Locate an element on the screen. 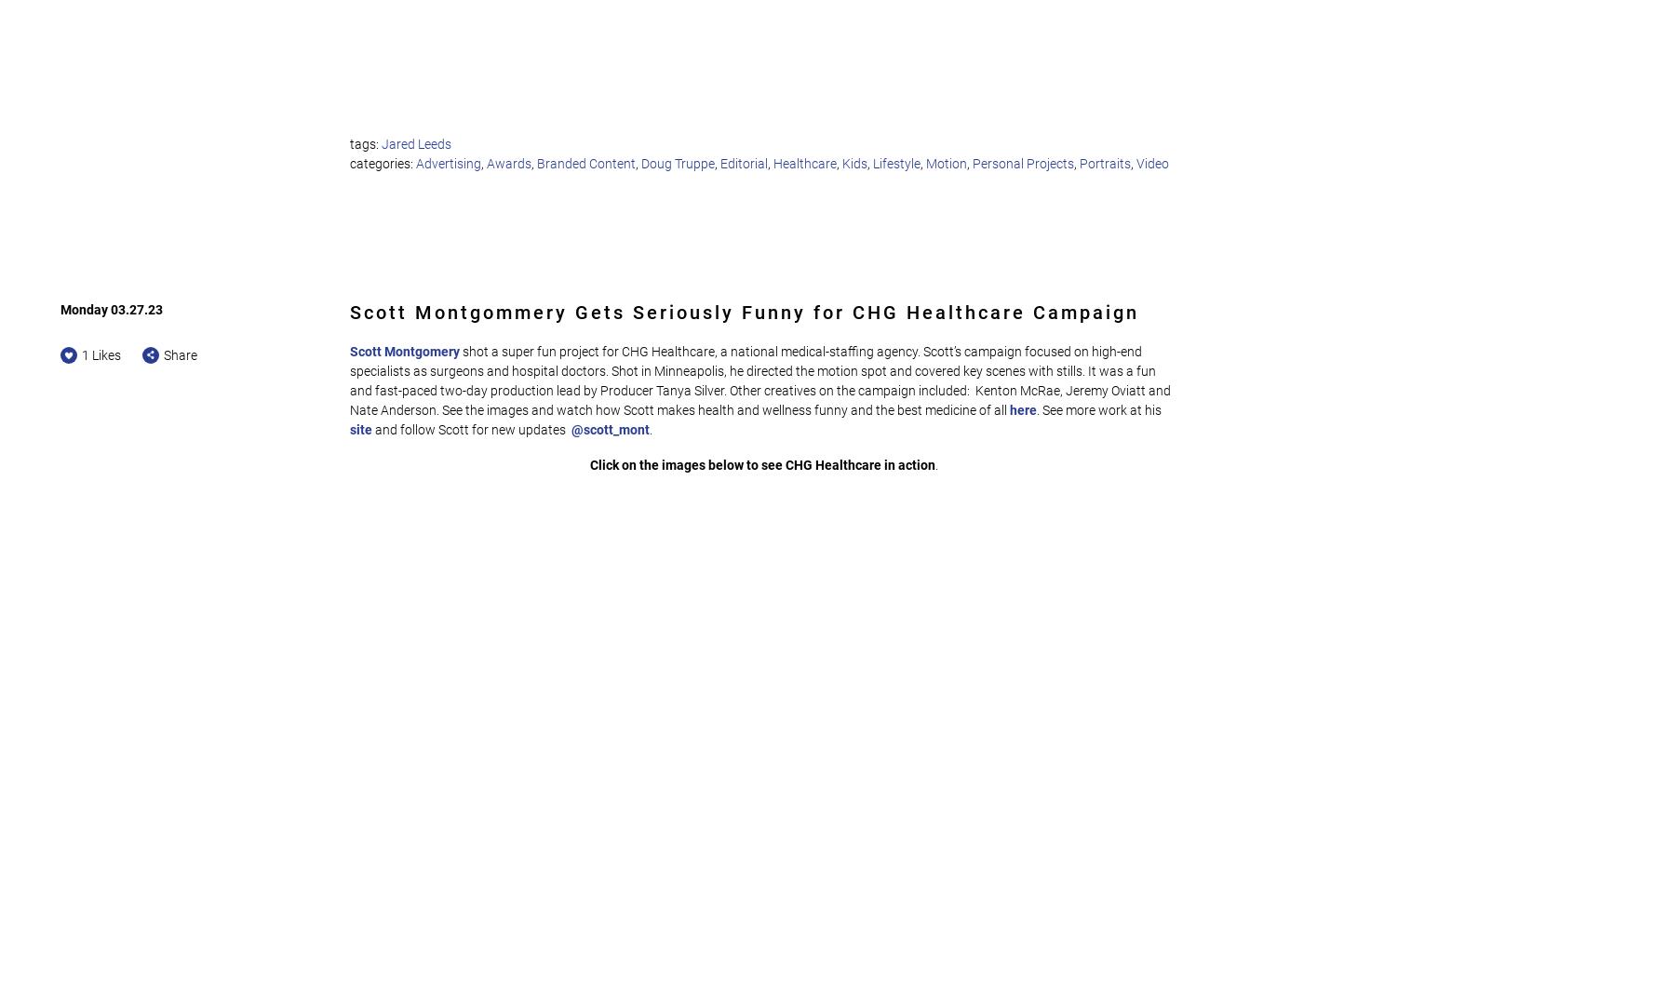 The height and width of the screenshot is (1001, 1680). '. See more work at his' is located at coordinates (1099, 408).